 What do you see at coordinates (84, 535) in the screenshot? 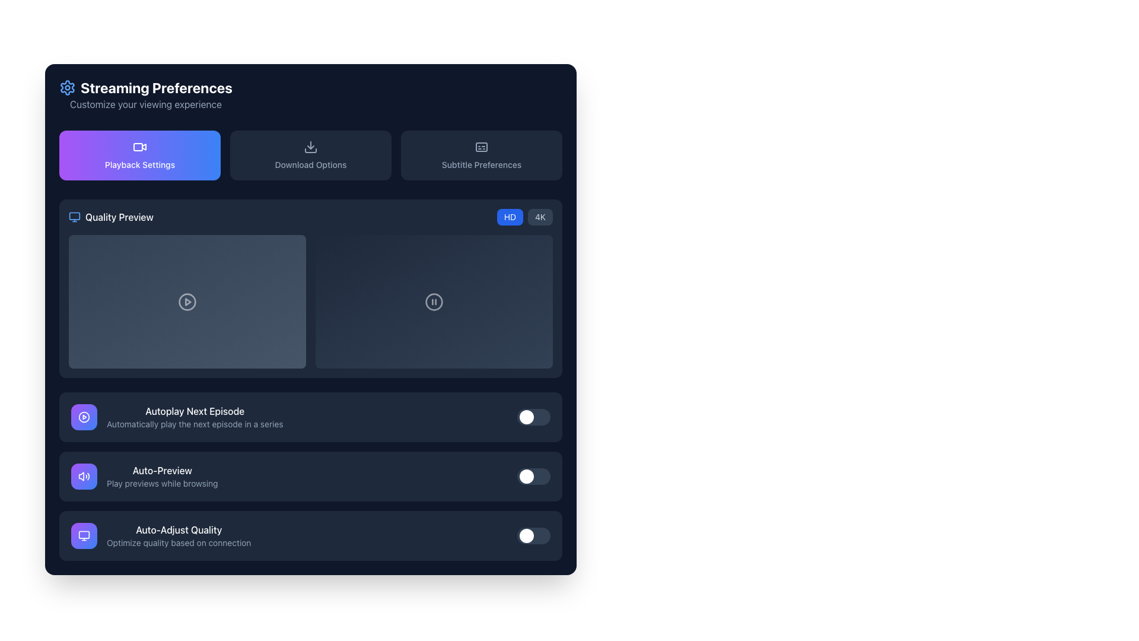
I see `the top-most rectangle of the monitor icon in the SVG, which is part of the streaming preferences toggle options` at bounding box center [84, 535].